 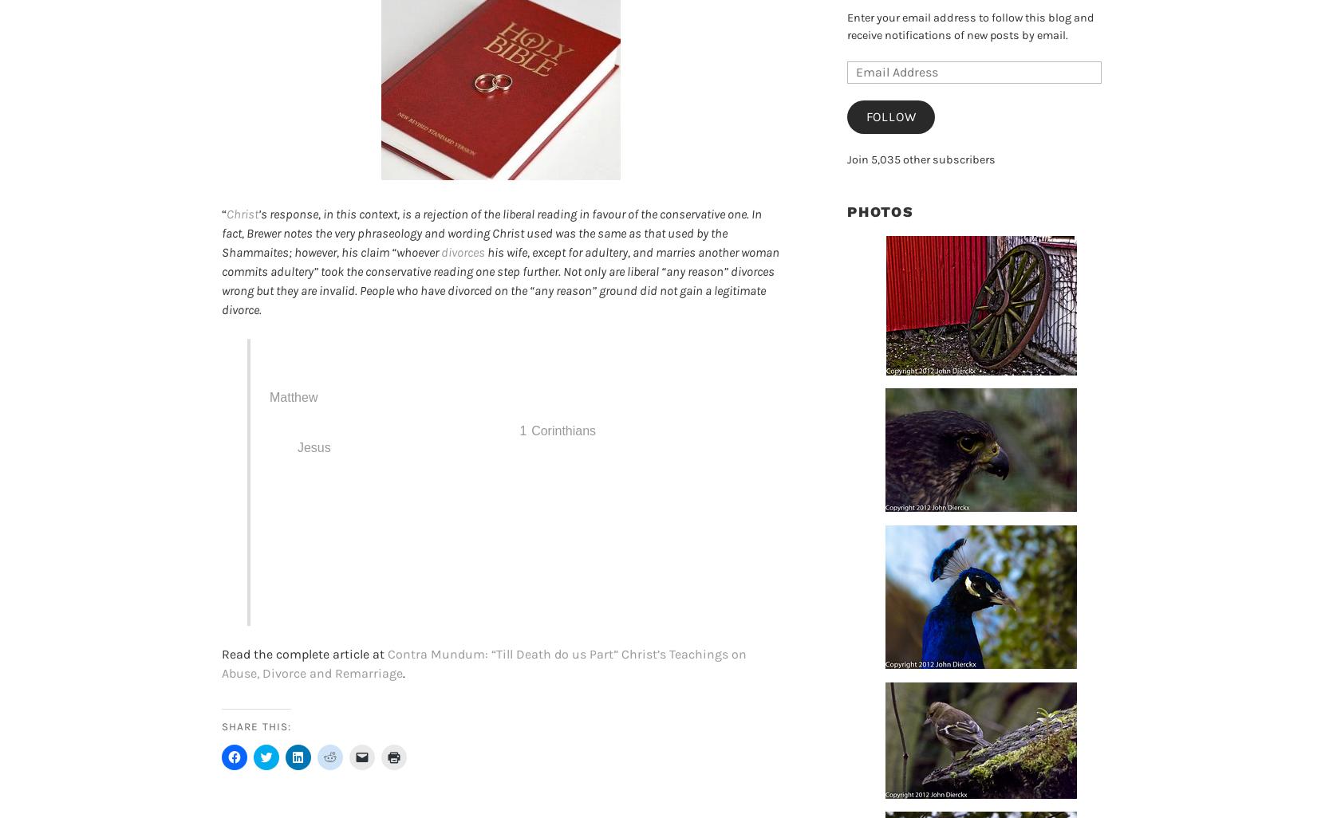 What do you see at coordinates (441, 252) in the screenshot?
I see `'divorces'` at bounding box center [441, 252].